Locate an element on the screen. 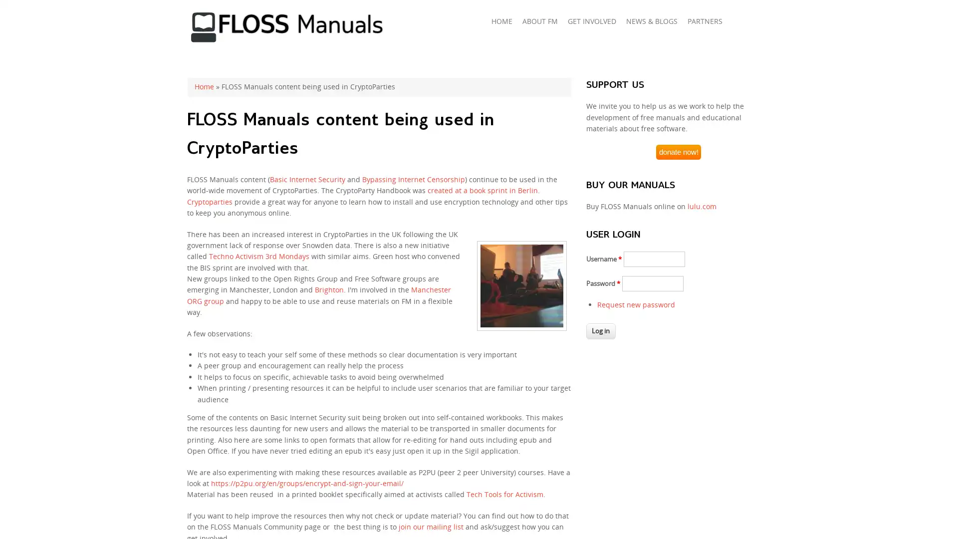 Image resolution: width=958 pixels, height=539 pixels. Log in is located at coordinates (600, 331).